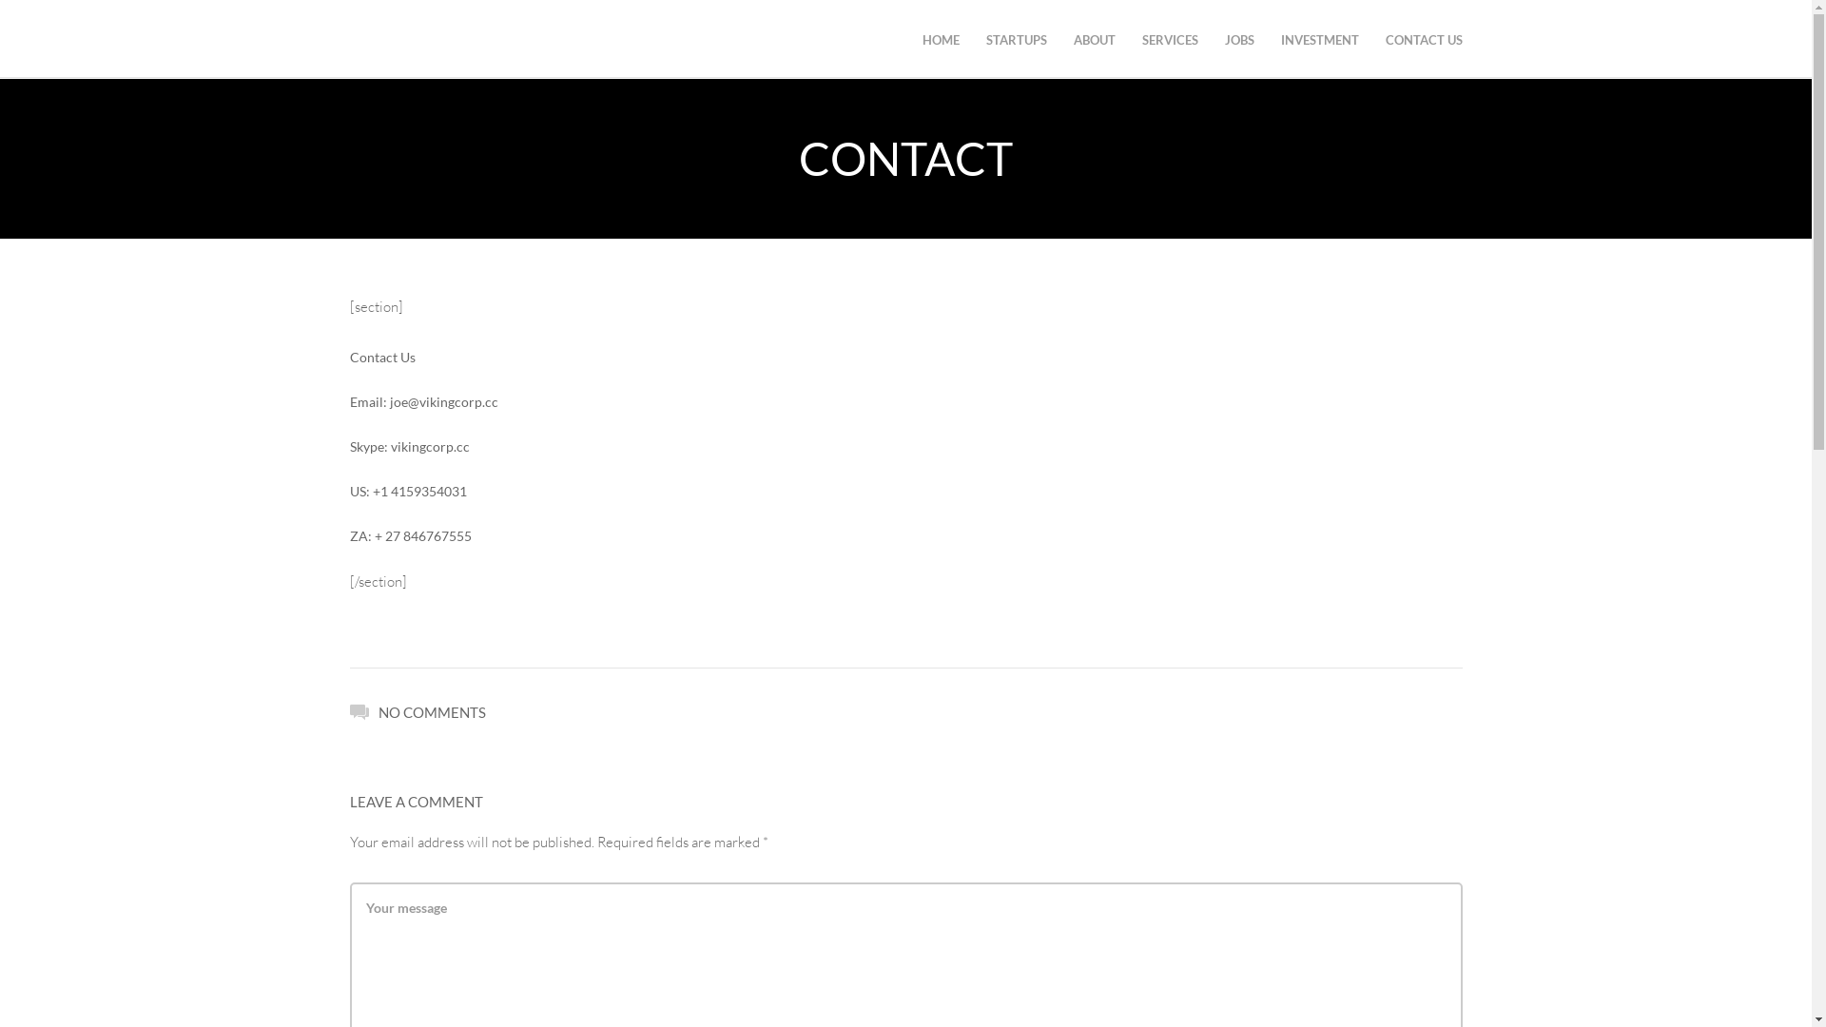 The width and height of the screenshot is (1826, 1027). Describe the element at coordinates (1318, 40) in the screenshot. I see `'INVESTMENT'` at that location.